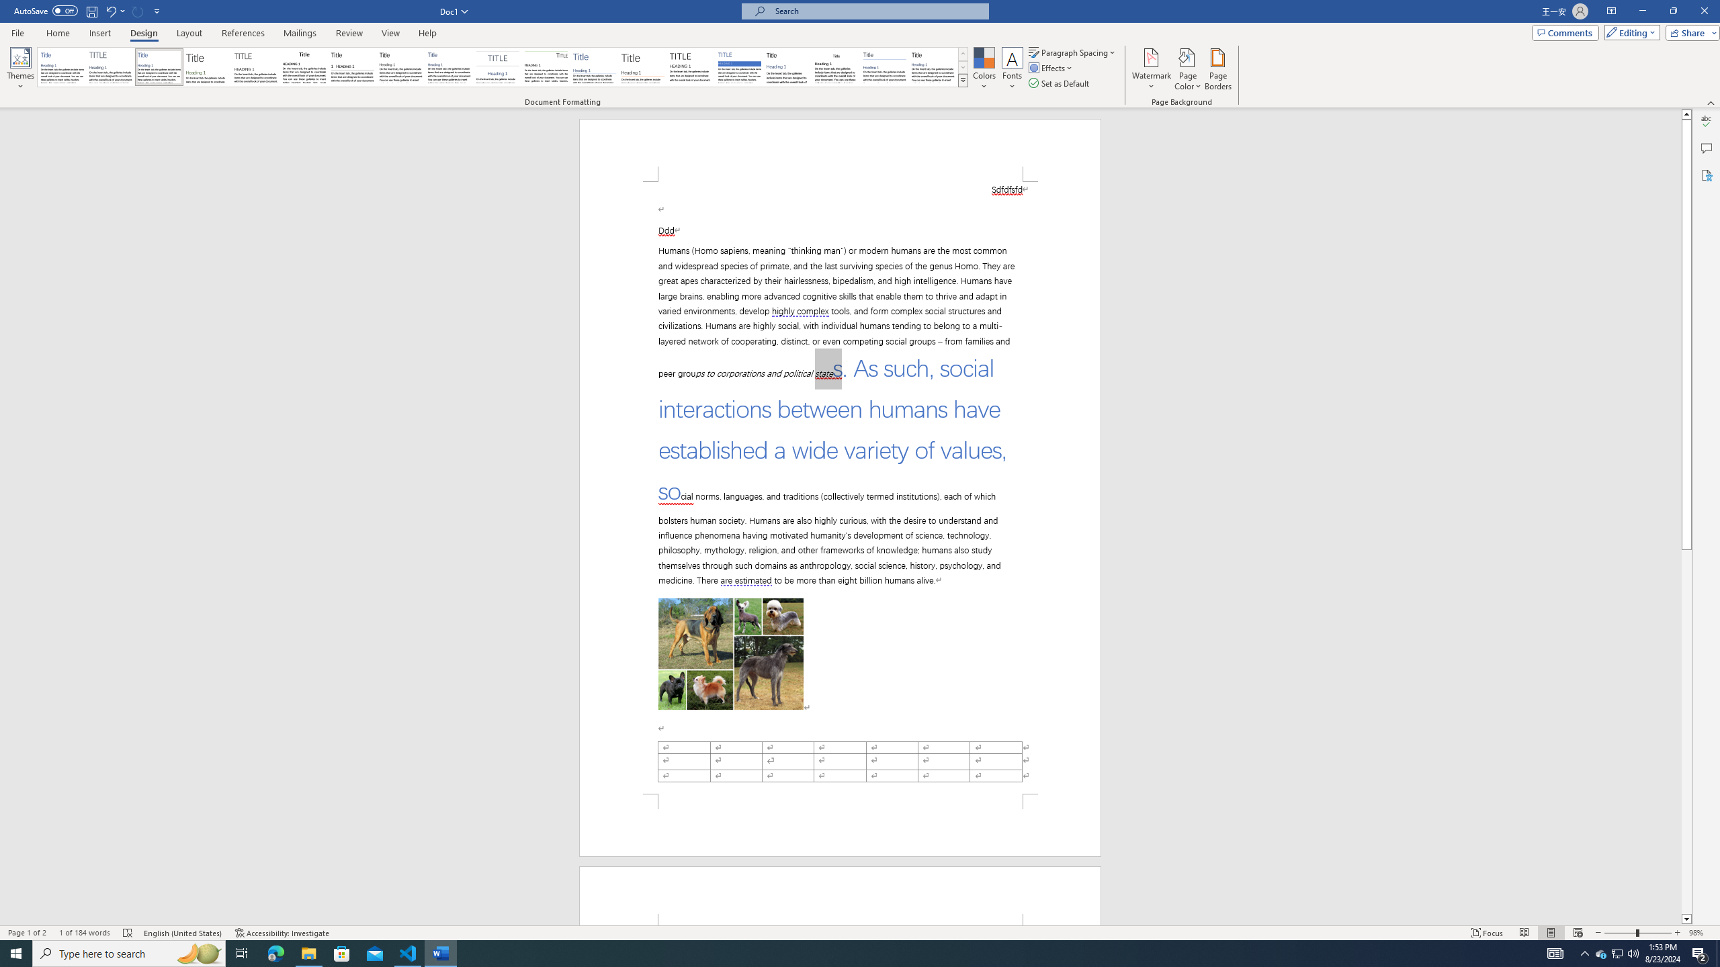 Image resolution: width=1720 pixels, height=967 pixels. I want to click on 'Colors', so click(983, 69).